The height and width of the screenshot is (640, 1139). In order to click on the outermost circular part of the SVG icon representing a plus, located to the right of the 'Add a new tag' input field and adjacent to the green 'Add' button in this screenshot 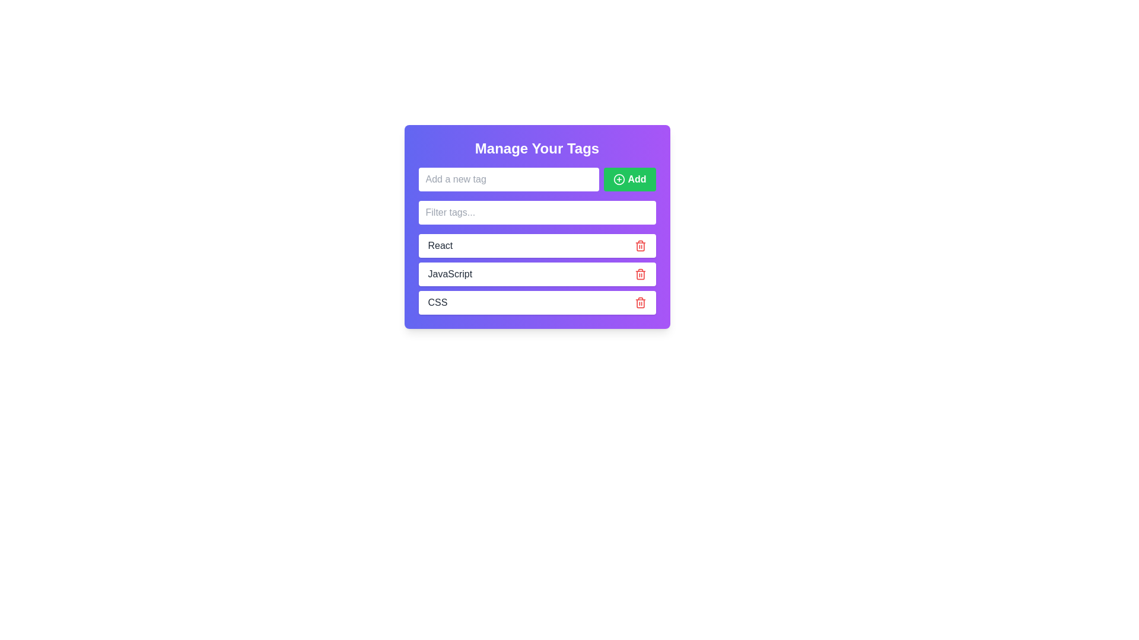, I will do `click(619, 180)`.